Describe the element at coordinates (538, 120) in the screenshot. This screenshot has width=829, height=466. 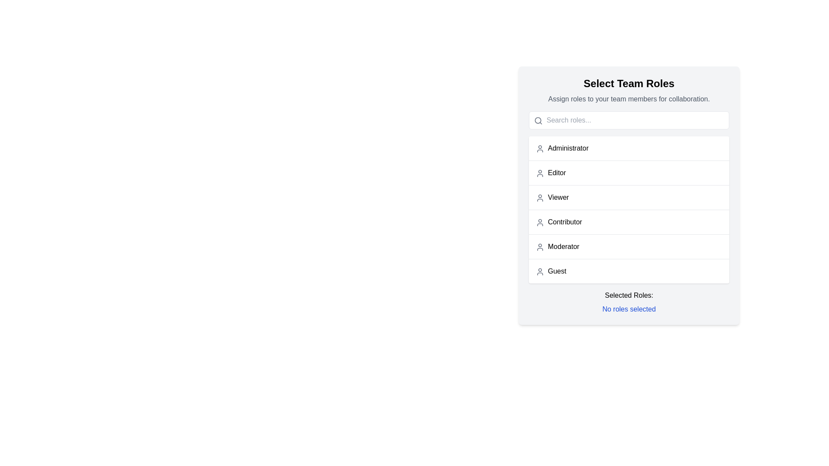
I see `the circular shape that represents the lens of the magnifying glass icon, located on the left side of the search input field` at that location.